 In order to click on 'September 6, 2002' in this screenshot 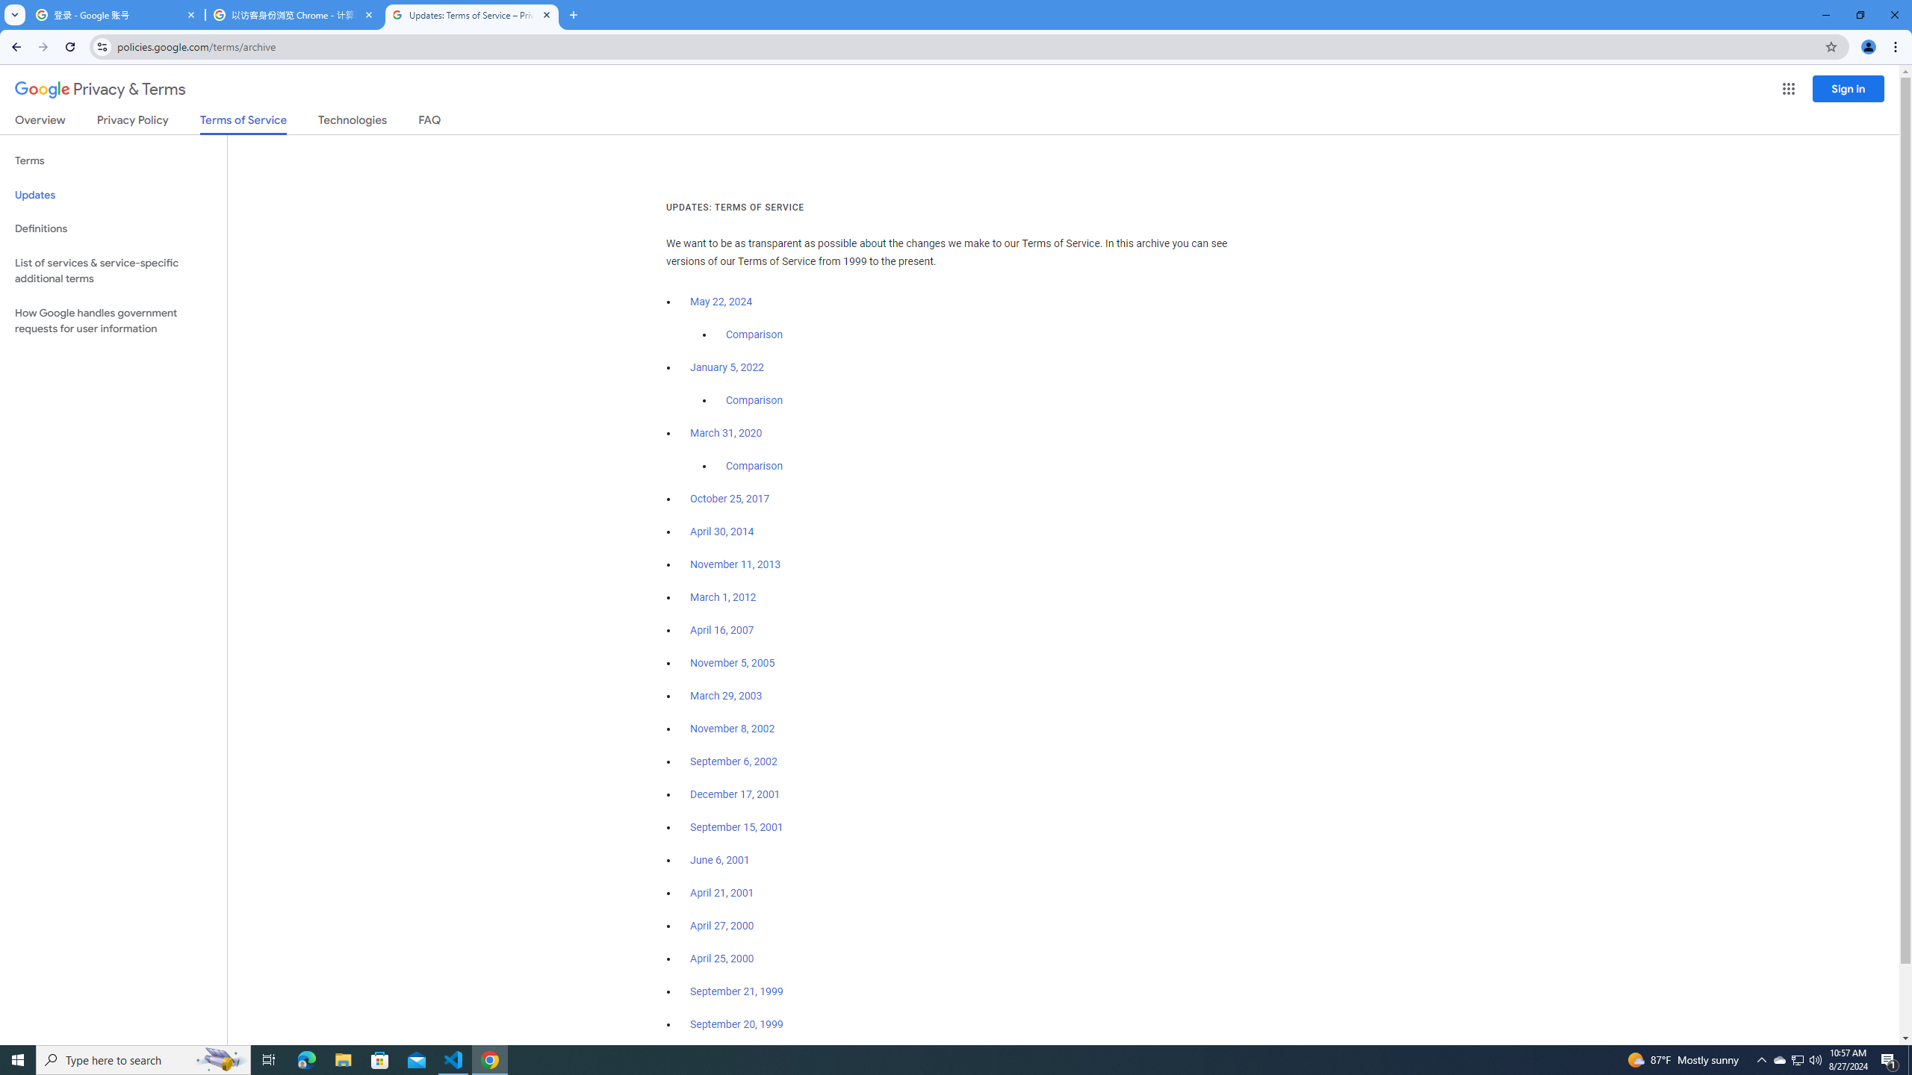, I will do `click(733, 761)`.